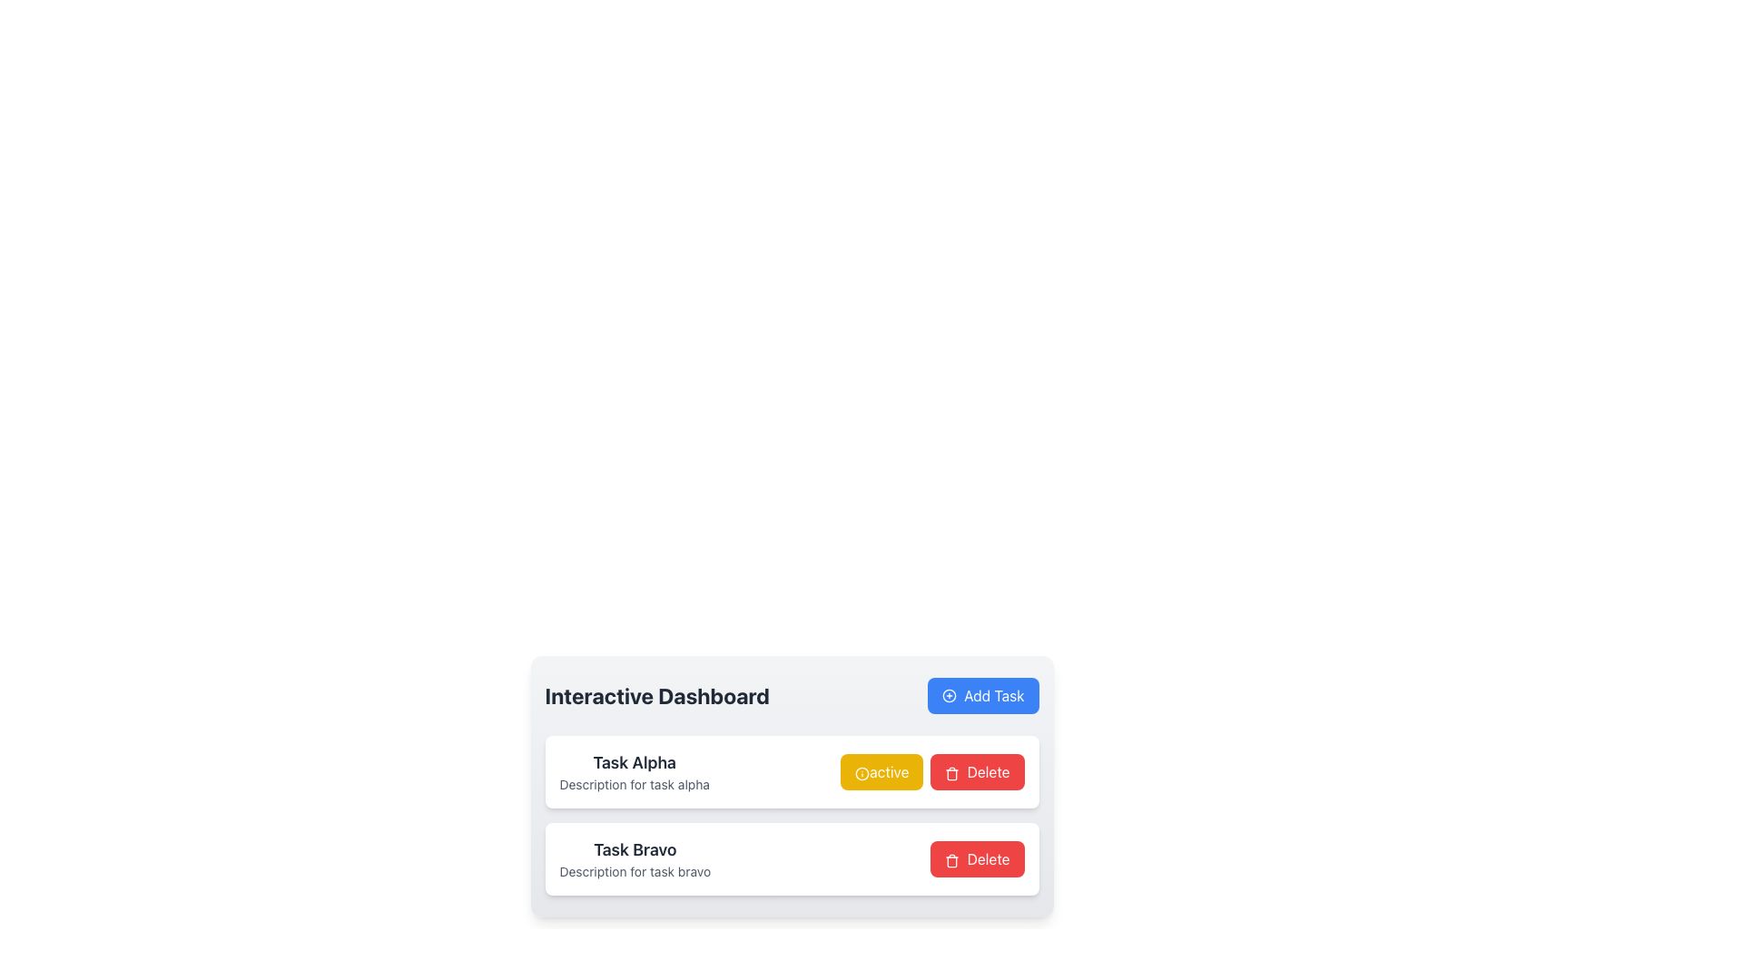 The image size is (1743, 980). Describe the element at coordinates (881, 772) in the screenshot. I see `the 'active' button with a yellow background and white text located in the first task item of the 'Task Alpha' section` at that location.